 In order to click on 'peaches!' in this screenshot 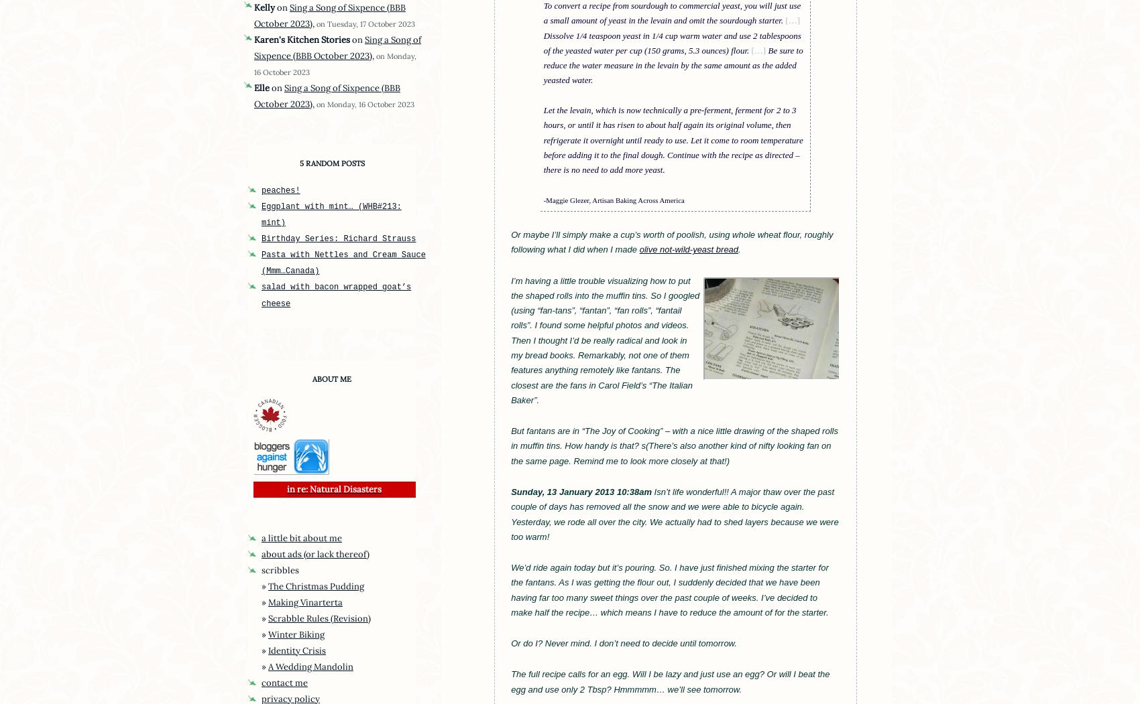, I will do `click(280, 190)`.